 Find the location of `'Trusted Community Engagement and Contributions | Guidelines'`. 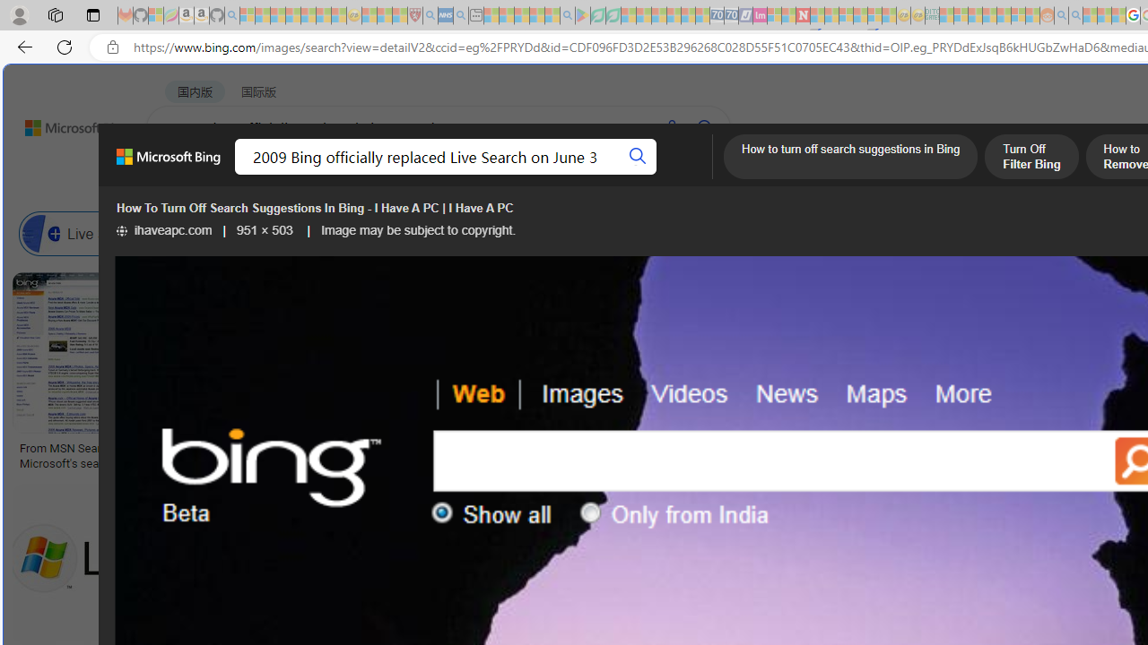

'Trusted Community Engagement and Contributions | Guidelines' is located at coordinates (816, 15).